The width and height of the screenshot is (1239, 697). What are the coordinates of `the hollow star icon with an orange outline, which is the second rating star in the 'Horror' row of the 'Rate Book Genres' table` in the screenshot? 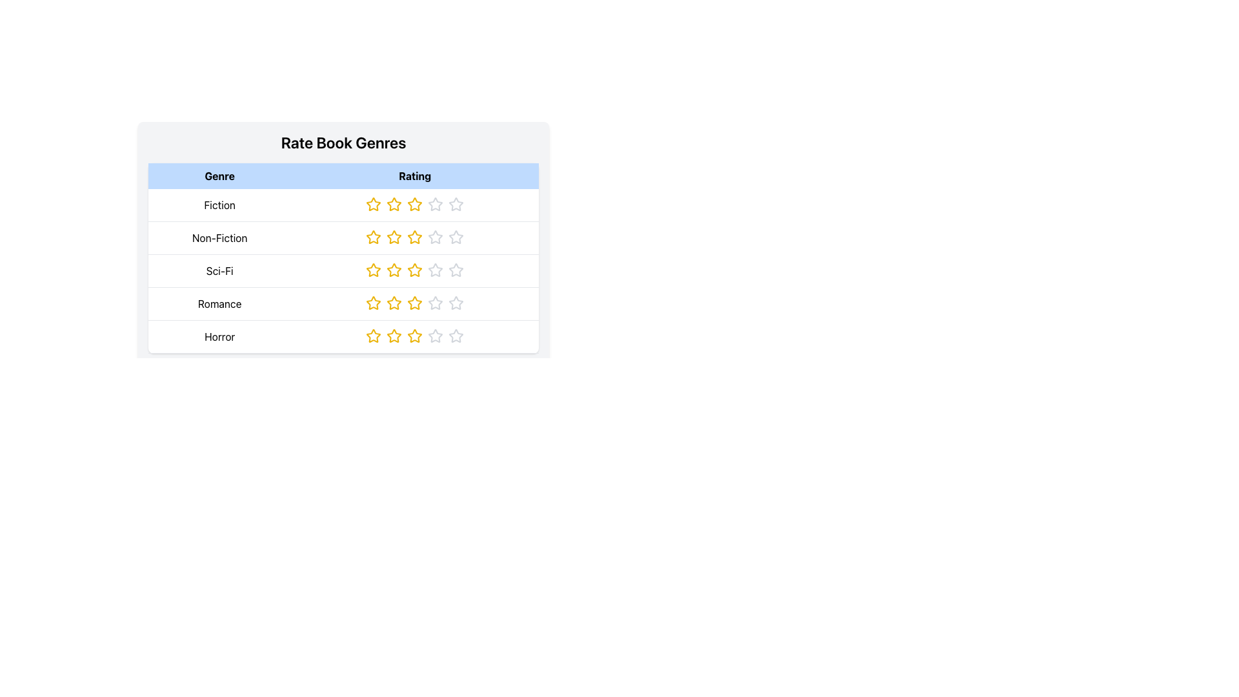 It's located at (394, 335).